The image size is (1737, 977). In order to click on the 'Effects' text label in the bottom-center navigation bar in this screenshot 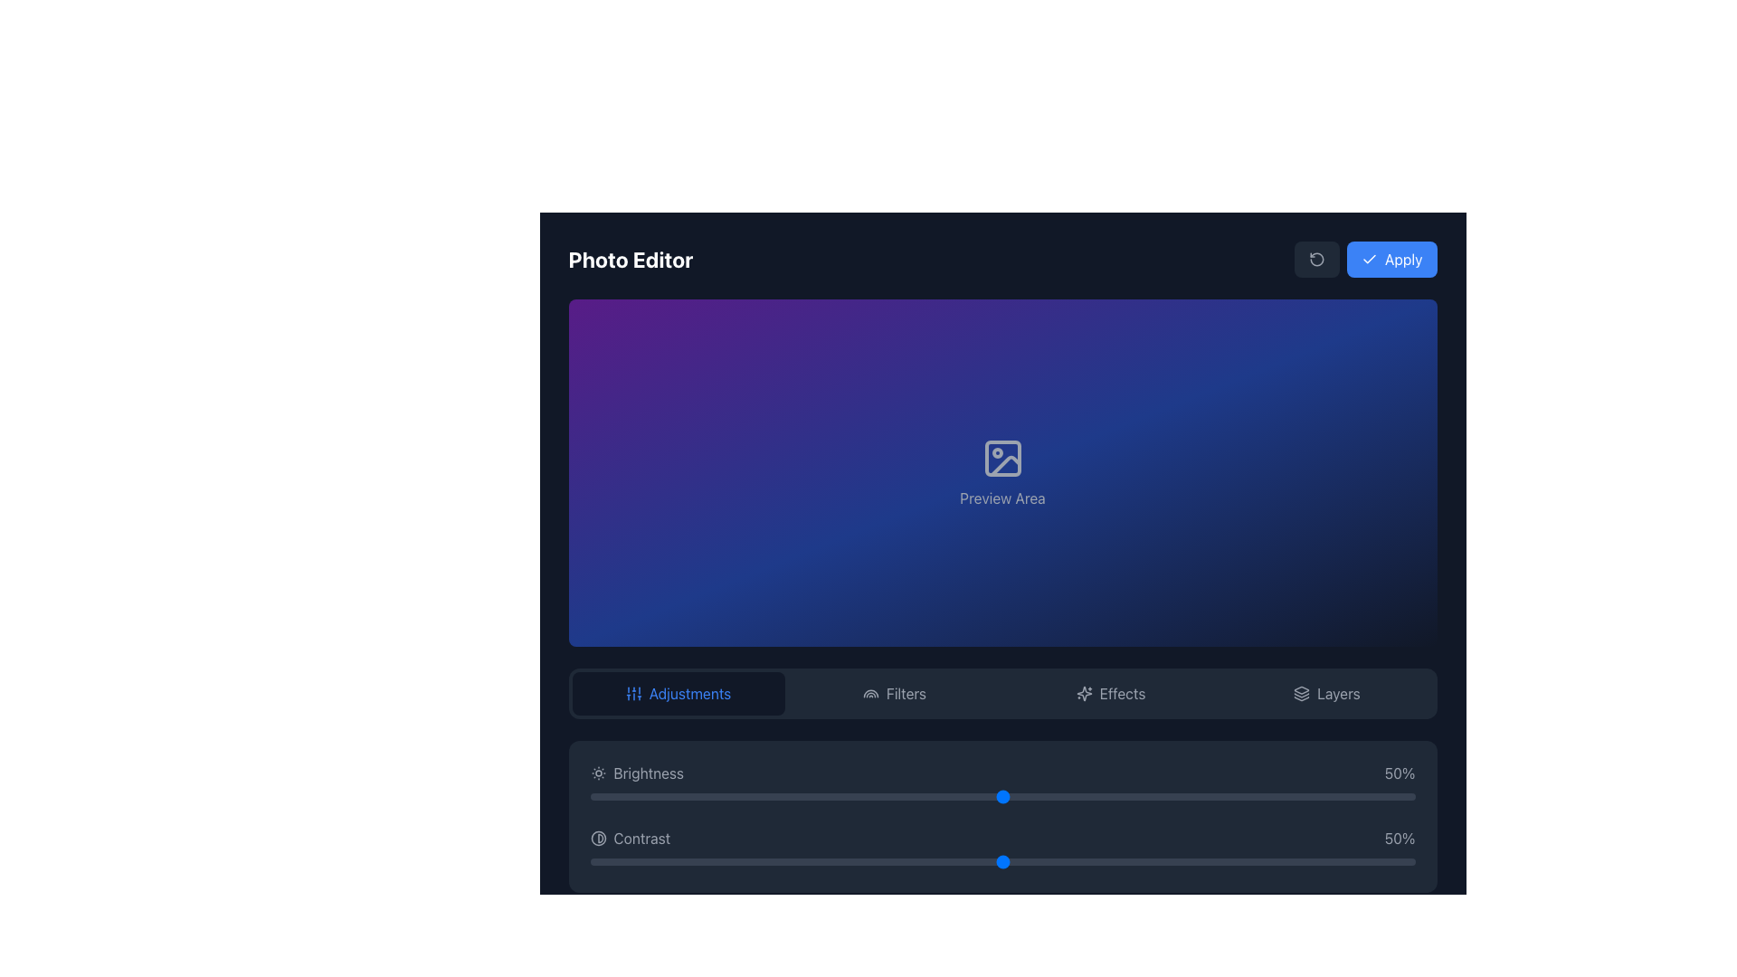, I will do `click(1121, 693)`.